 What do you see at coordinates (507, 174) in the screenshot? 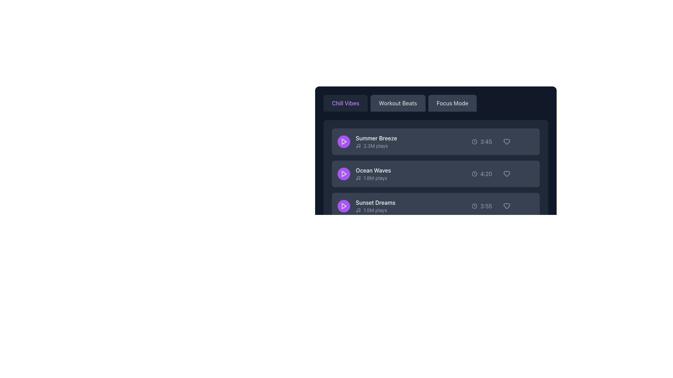
I see `the heart-shaped icon located on the right side of the 'Ocean Waves' track row in the music playlist interface to trigger the tooltip or visual feedback` at bounding box center [507, 174].